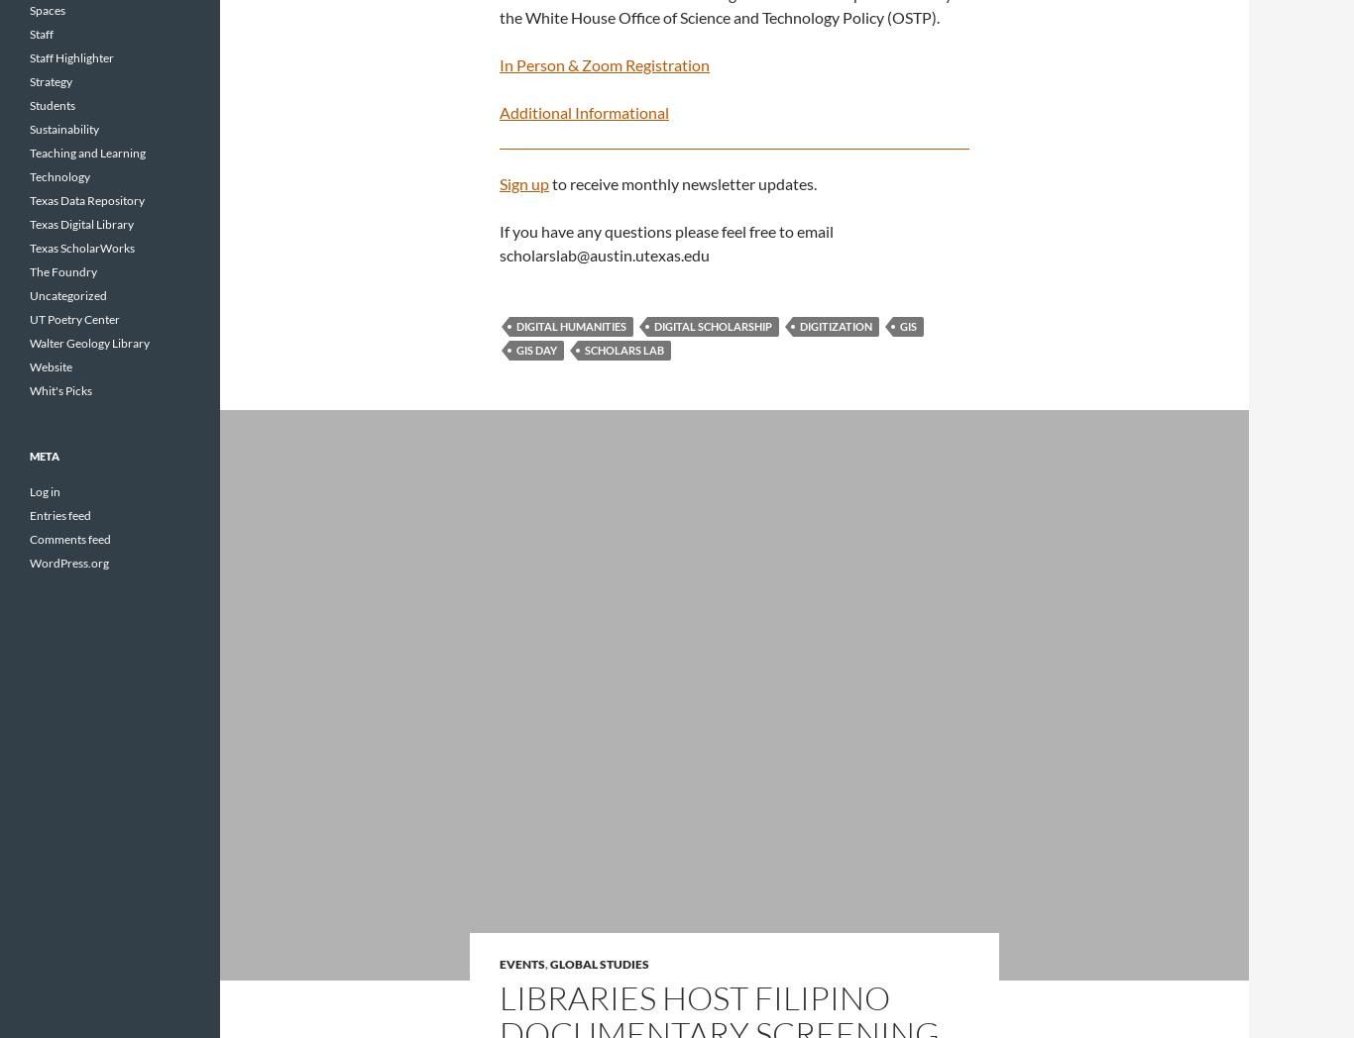 This screenshot has height=1038, width=1354. What do you see at coordinates (59, 175) in the screenshot?
I see `'Technology'` at bounding box center [59, 175].